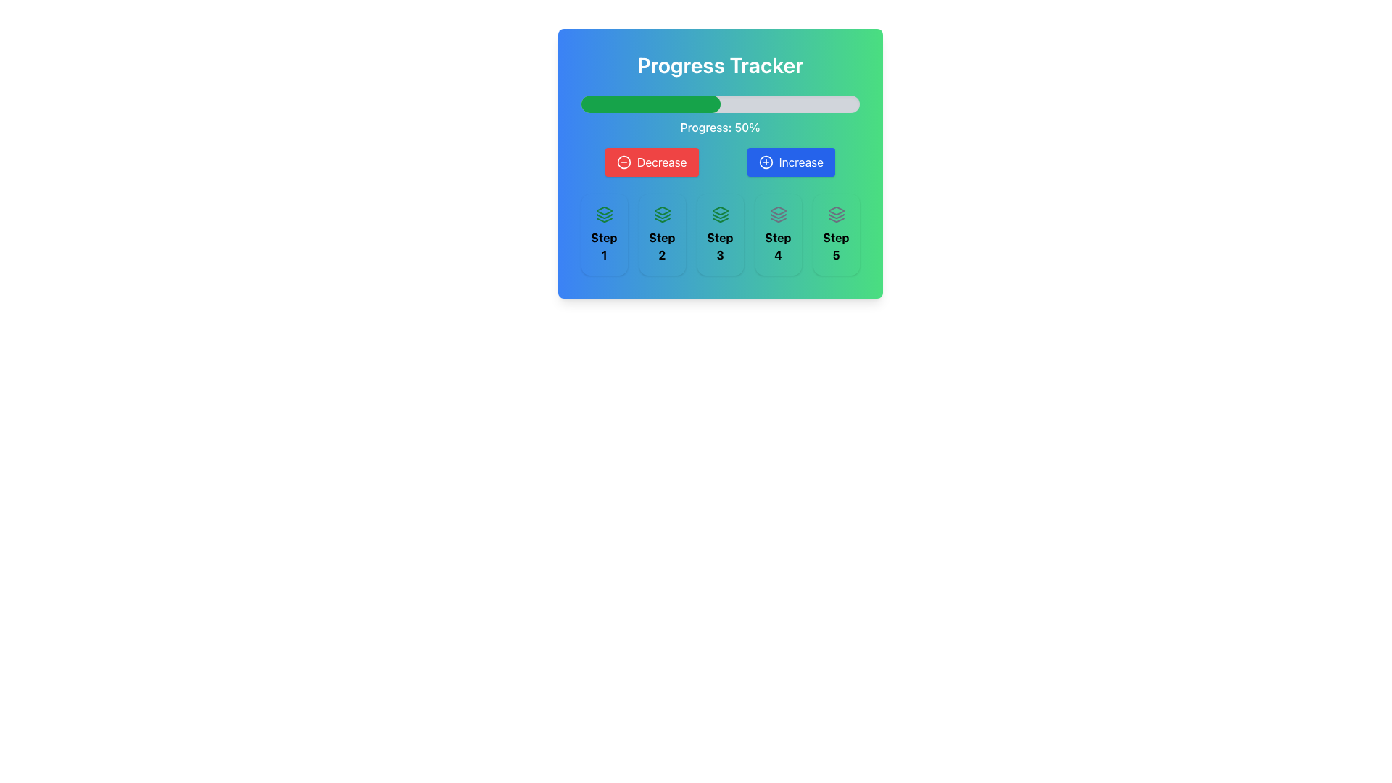  I want to click on the button labeled 'Step 5' which features an icon of stacked layers, to navigate, so click(836, 215).